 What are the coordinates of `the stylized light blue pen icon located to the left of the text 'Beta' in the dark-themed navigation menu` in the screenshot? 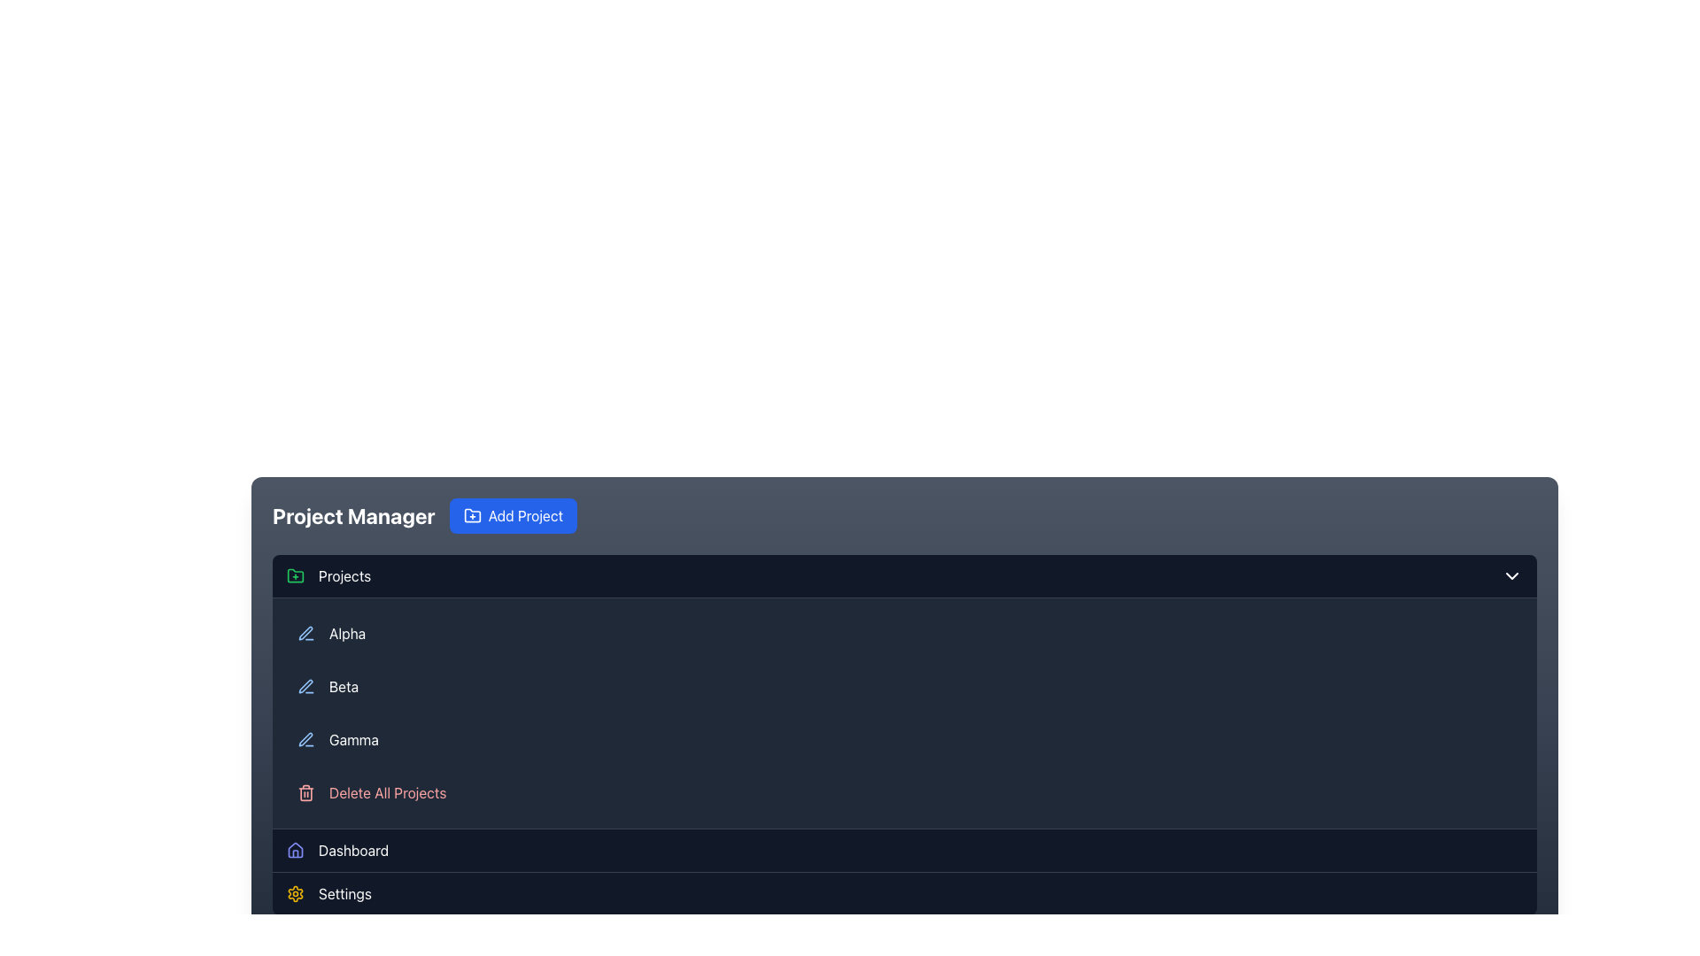 It's located at (305, 685).